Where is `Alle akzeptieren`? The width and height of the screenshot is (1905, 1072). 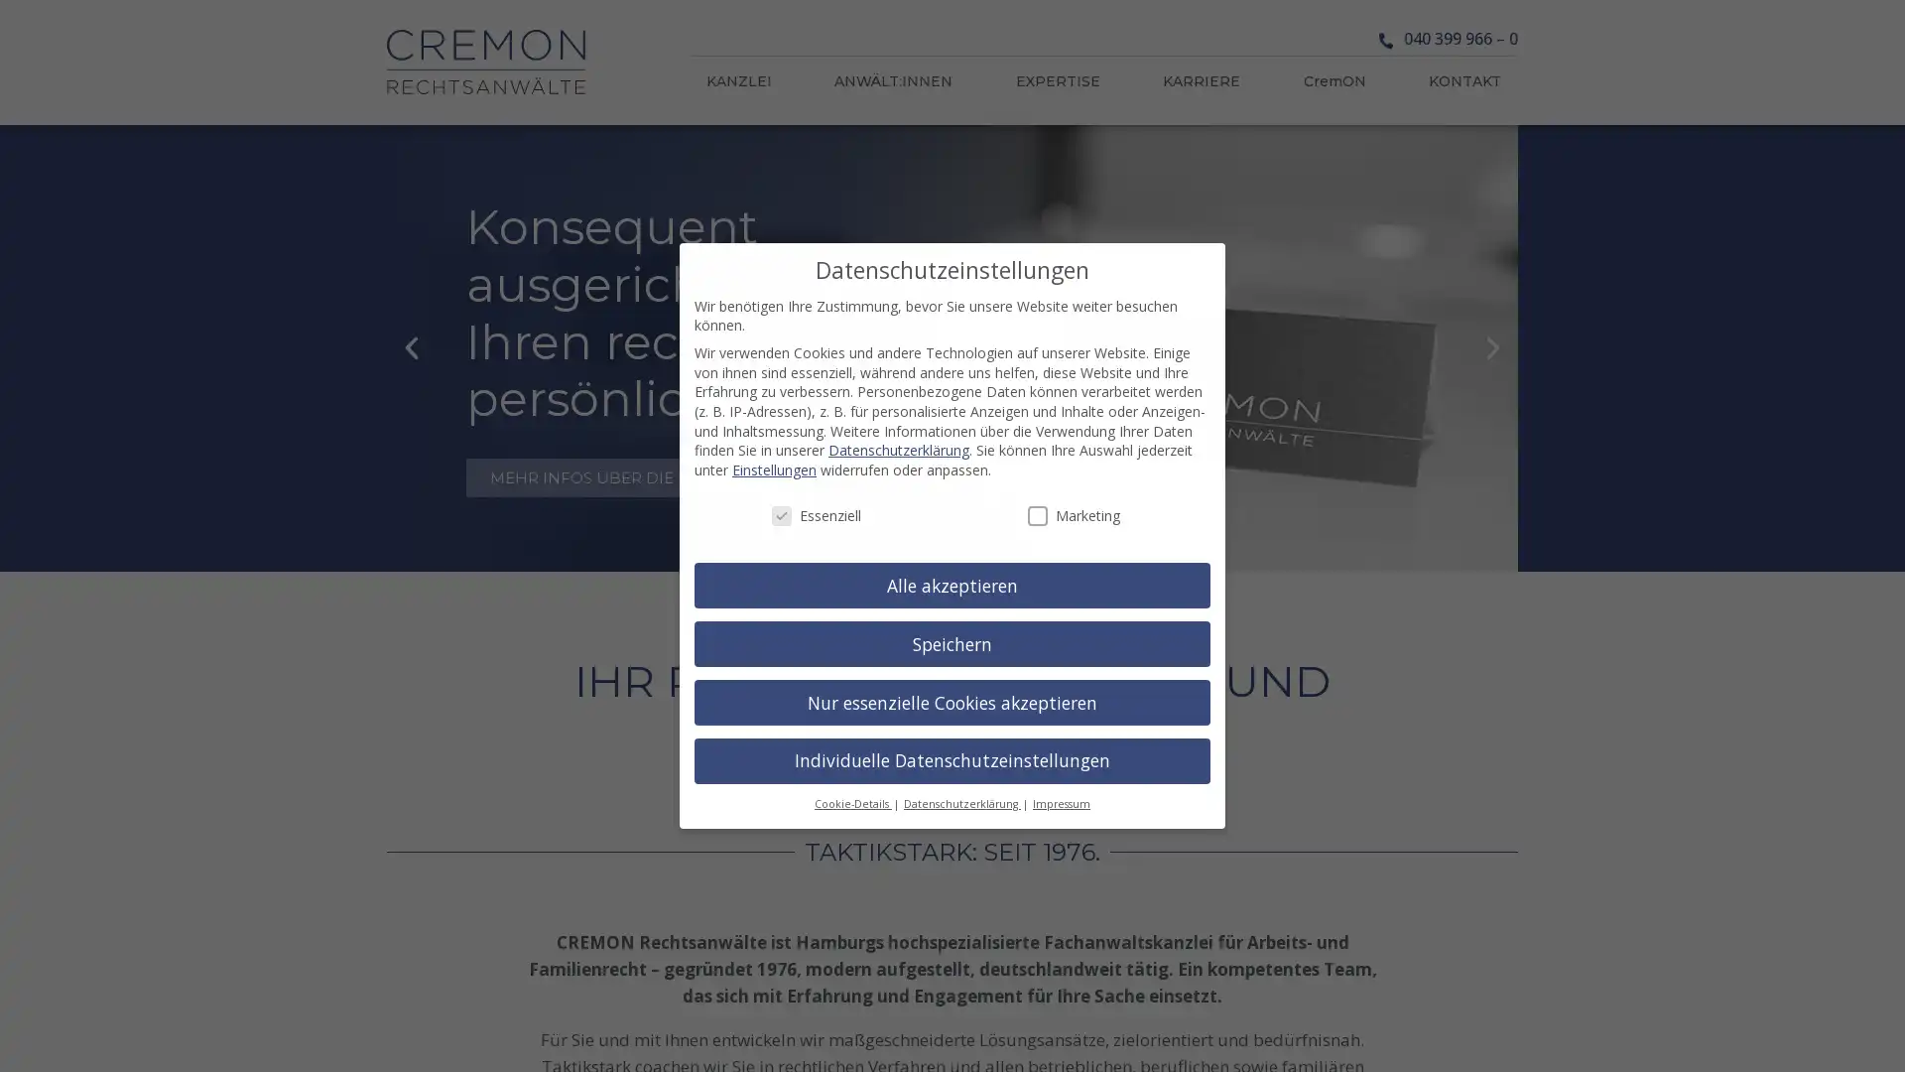
Alle akzeptieren is located at coordinates (952, 585).